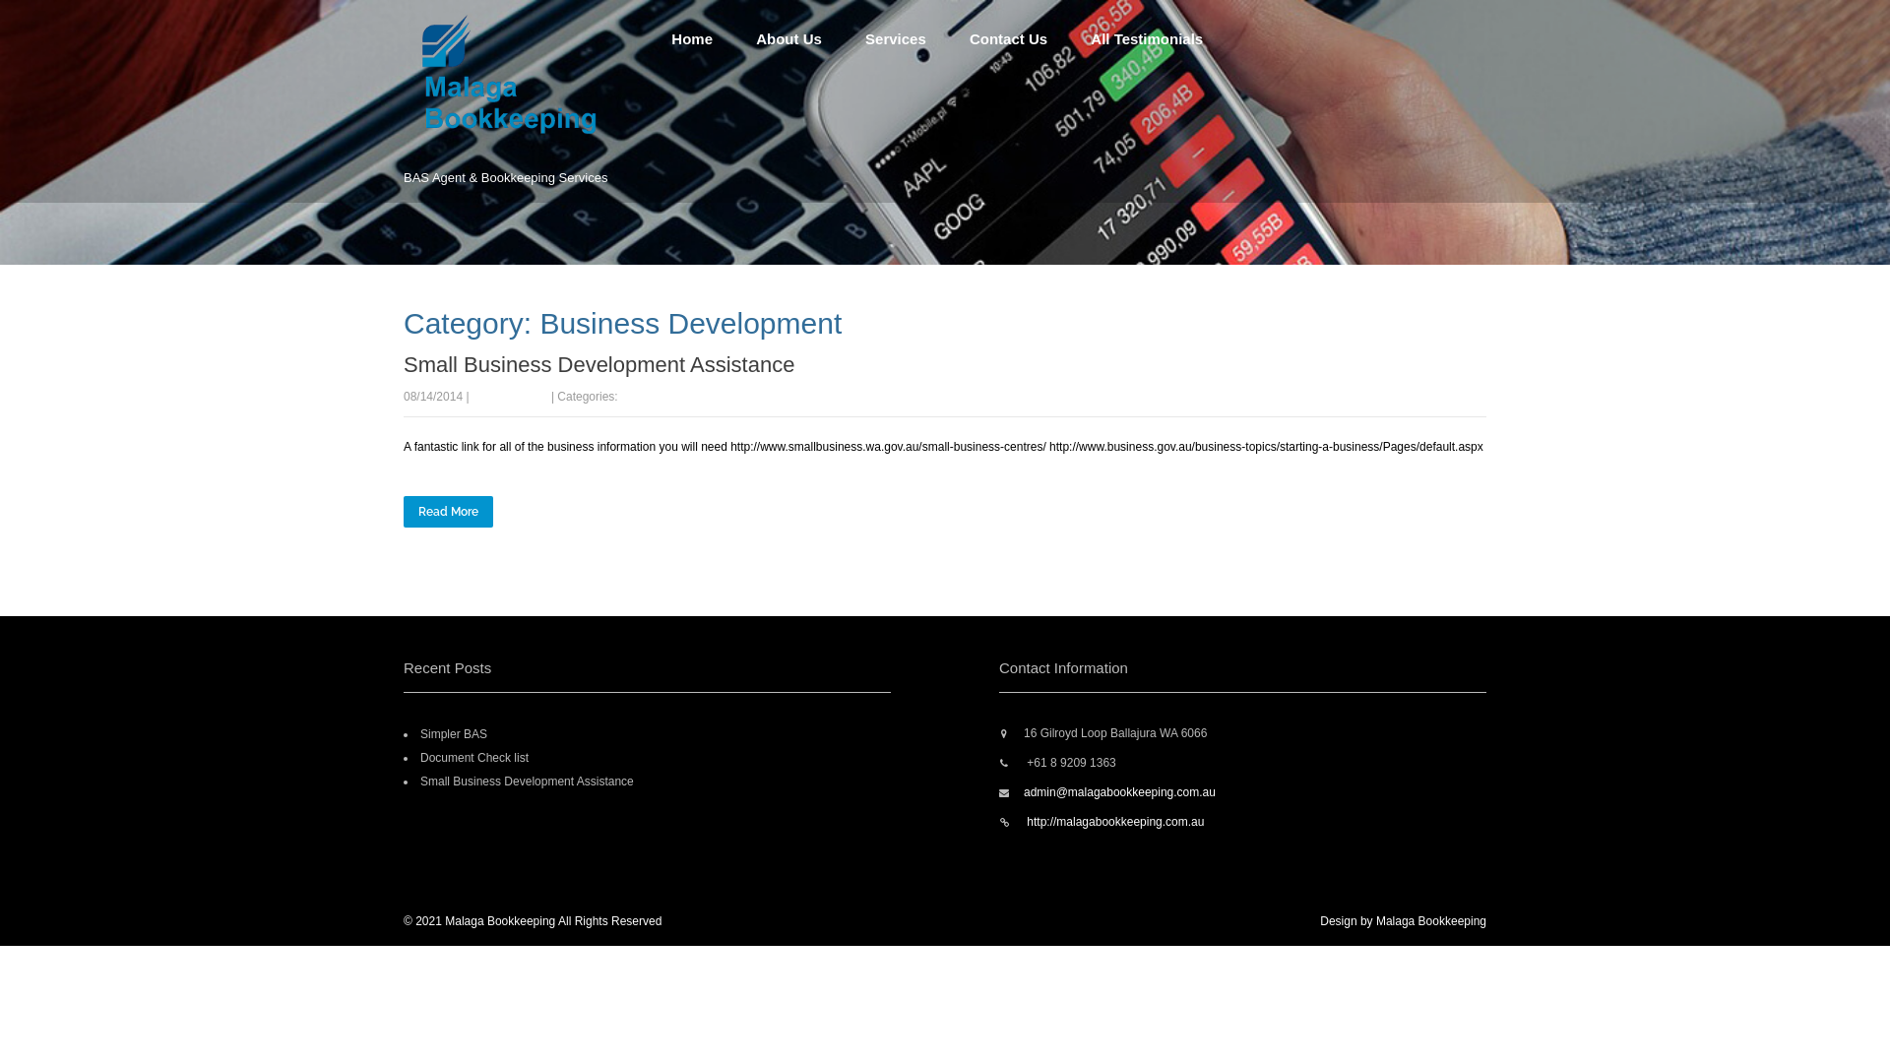 This screenshot has width=1890, height=1063. What do you see at coordinates (1119, 791) in the screenshot?
I see `'admin@malagabookkeeping.com.au'` at bounding box center [1119, 791].